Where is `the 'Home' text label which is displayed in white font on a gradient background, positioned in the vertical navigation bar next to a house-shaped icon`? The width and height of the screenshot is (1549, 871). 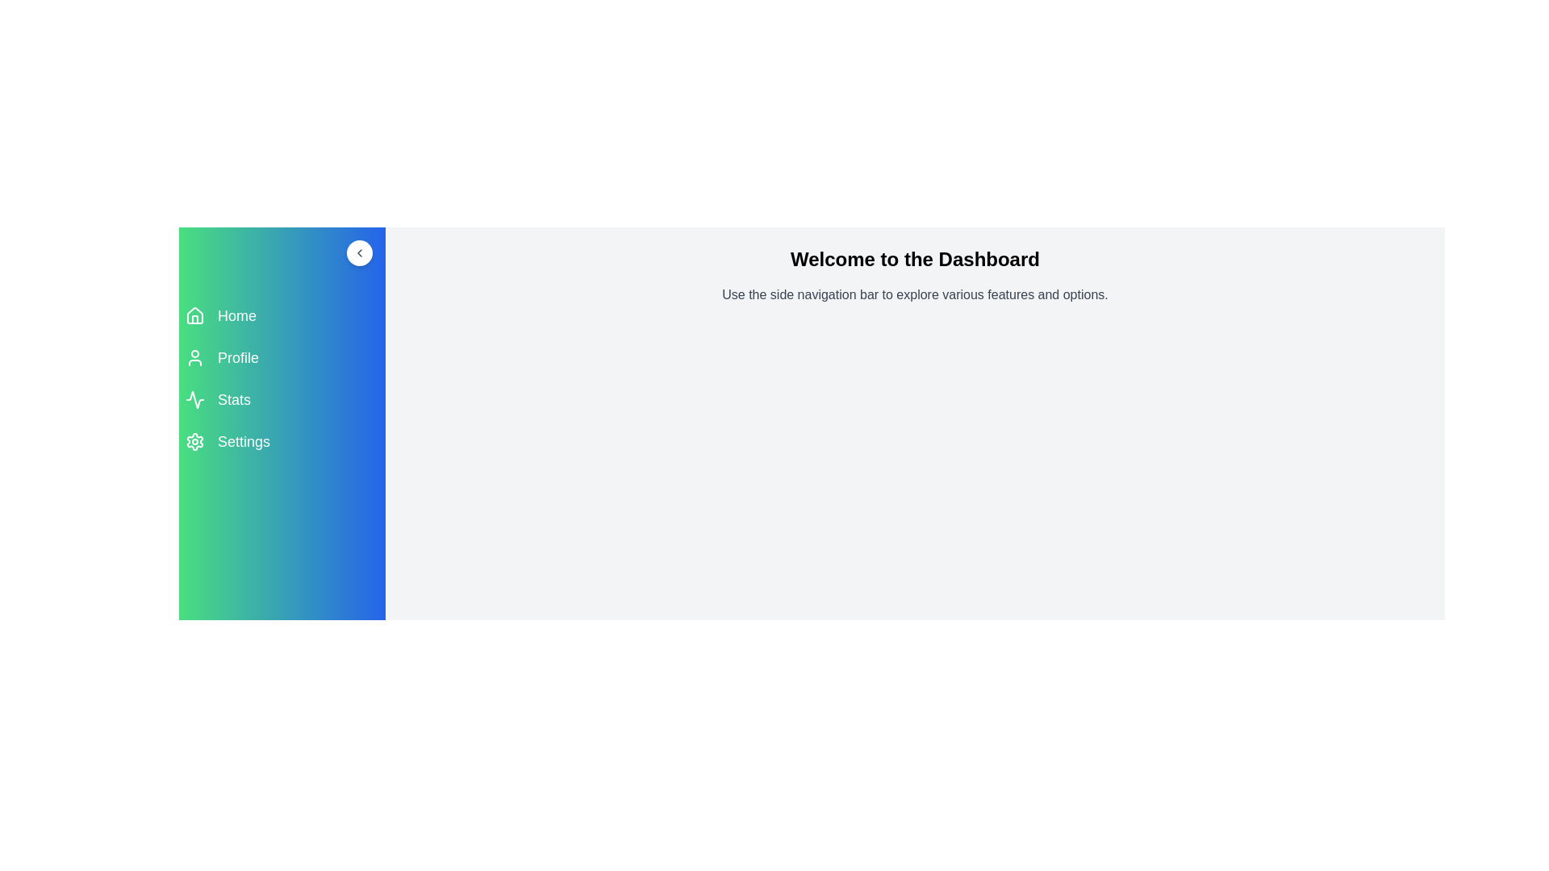 the 'Home' text label which is displayed in white font on a gradient background, positioned in the vertical navigation bar next to a house-shaped icon is located at coordinates (236, 316).